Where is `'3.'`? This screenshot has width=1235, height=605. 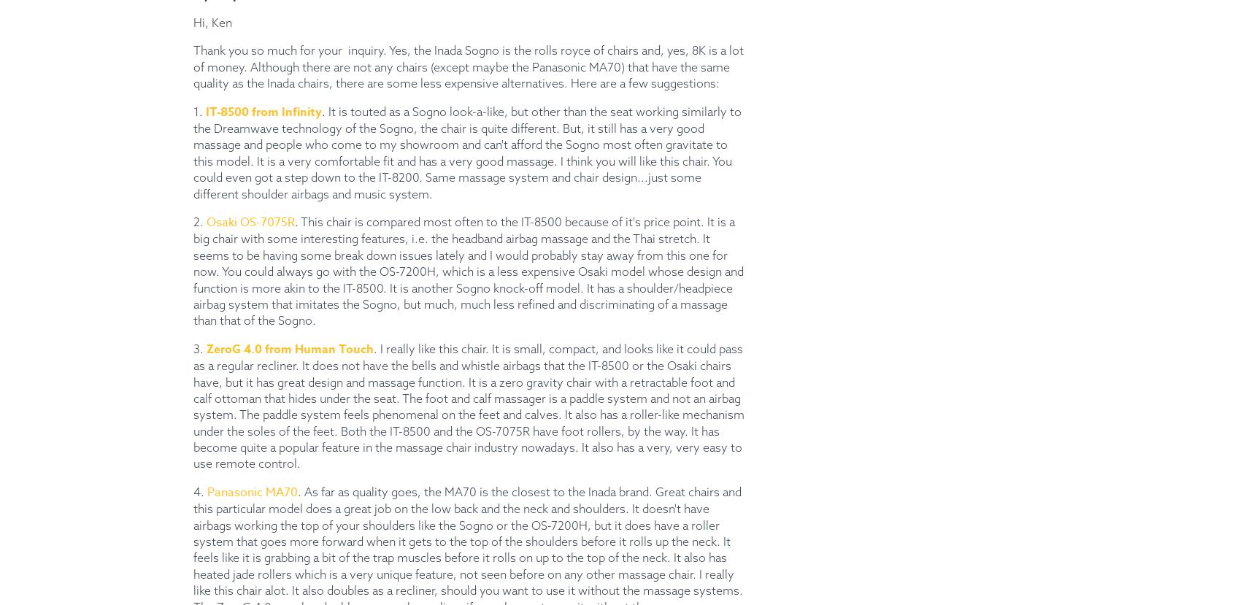 '3.' is located at coordinates (199, 348).